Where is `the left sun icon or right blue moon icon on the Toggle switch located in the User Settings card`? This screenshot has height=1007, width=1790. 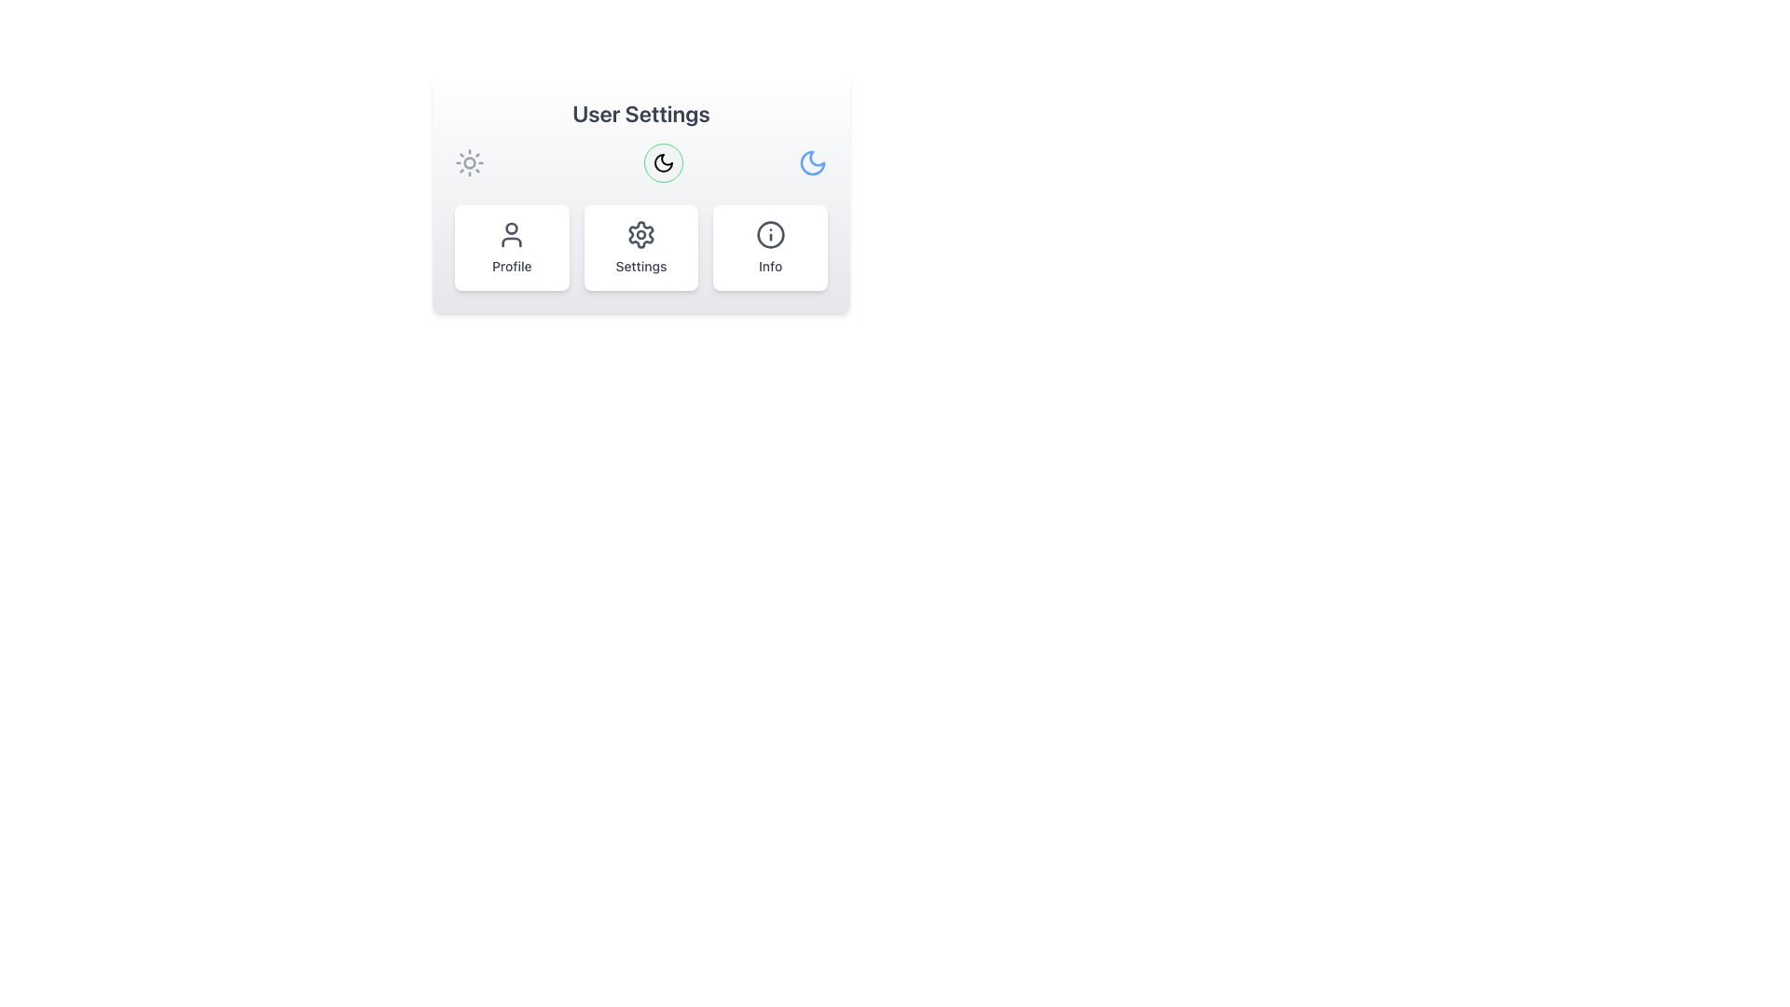
the left sun icon or right blue moon icon on the Toggle switch located in the User Settings card is located at coordinates (640, 161).